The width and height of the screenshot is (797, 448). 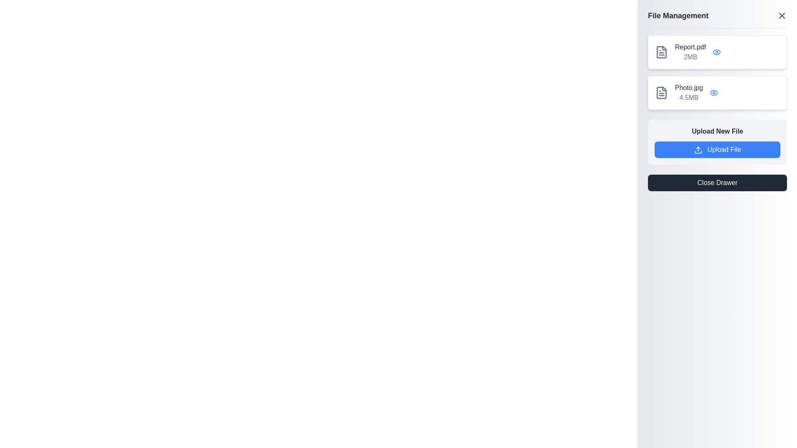 I want to click on the 'Upload' button located within the 'Upload New File' card to initiate the file upload process, so click(x=717, y=150).